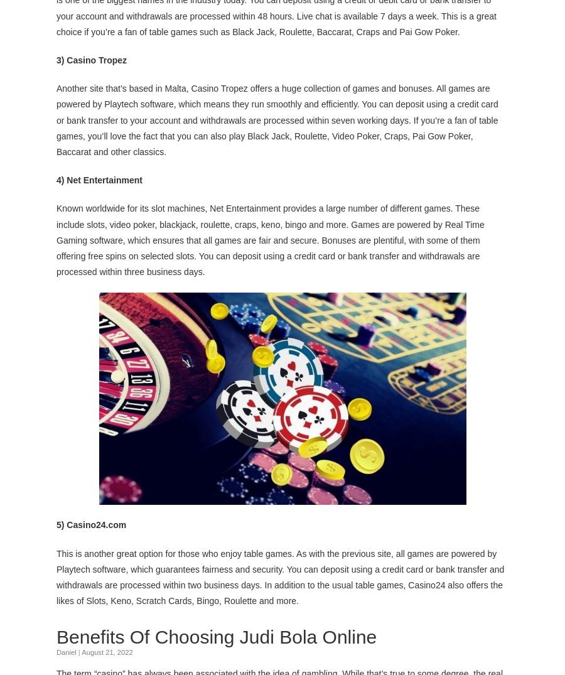 The width and height of the screenshot is (565, 675). Describe the element at coordinates (65, 652) in the screenshot. I see `'Daniel'` at that location.